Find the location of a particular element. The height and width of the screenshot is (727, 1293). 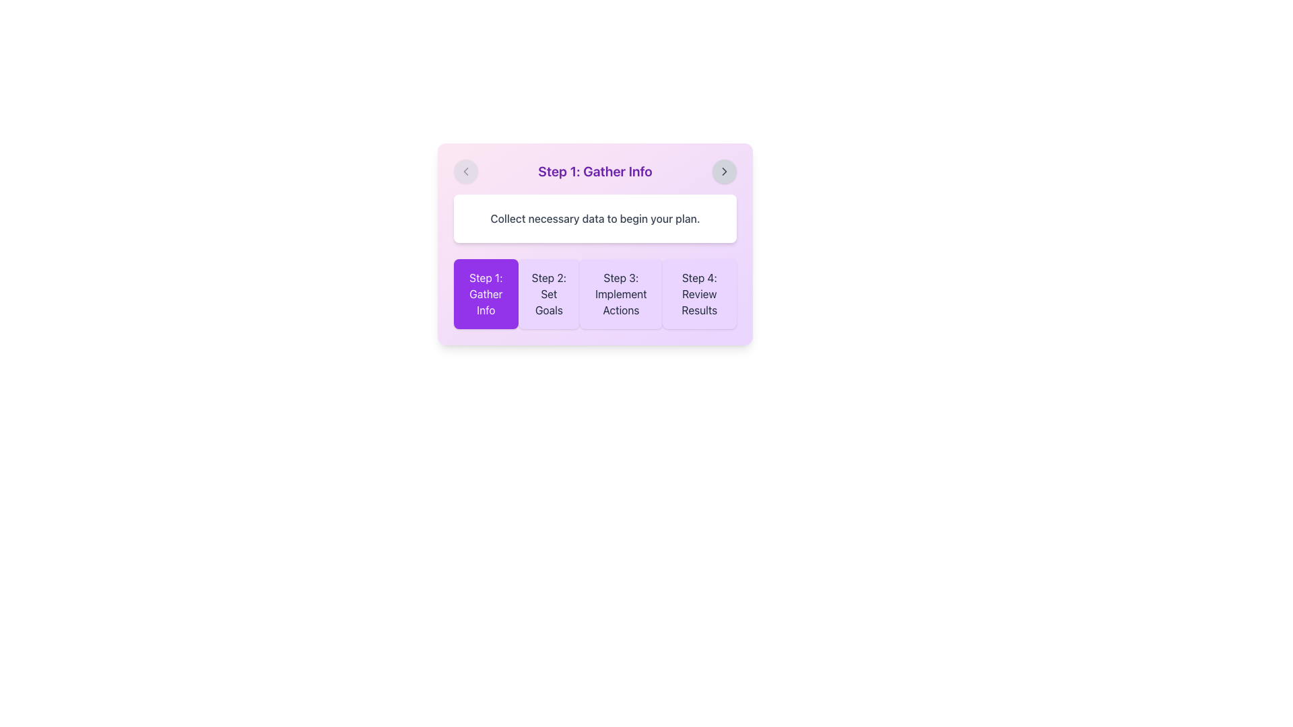

the back navigation icon located within the button at the left of the header of the card component labeled 'Step 1: Gather Info' is located at coordinates (465, 170).